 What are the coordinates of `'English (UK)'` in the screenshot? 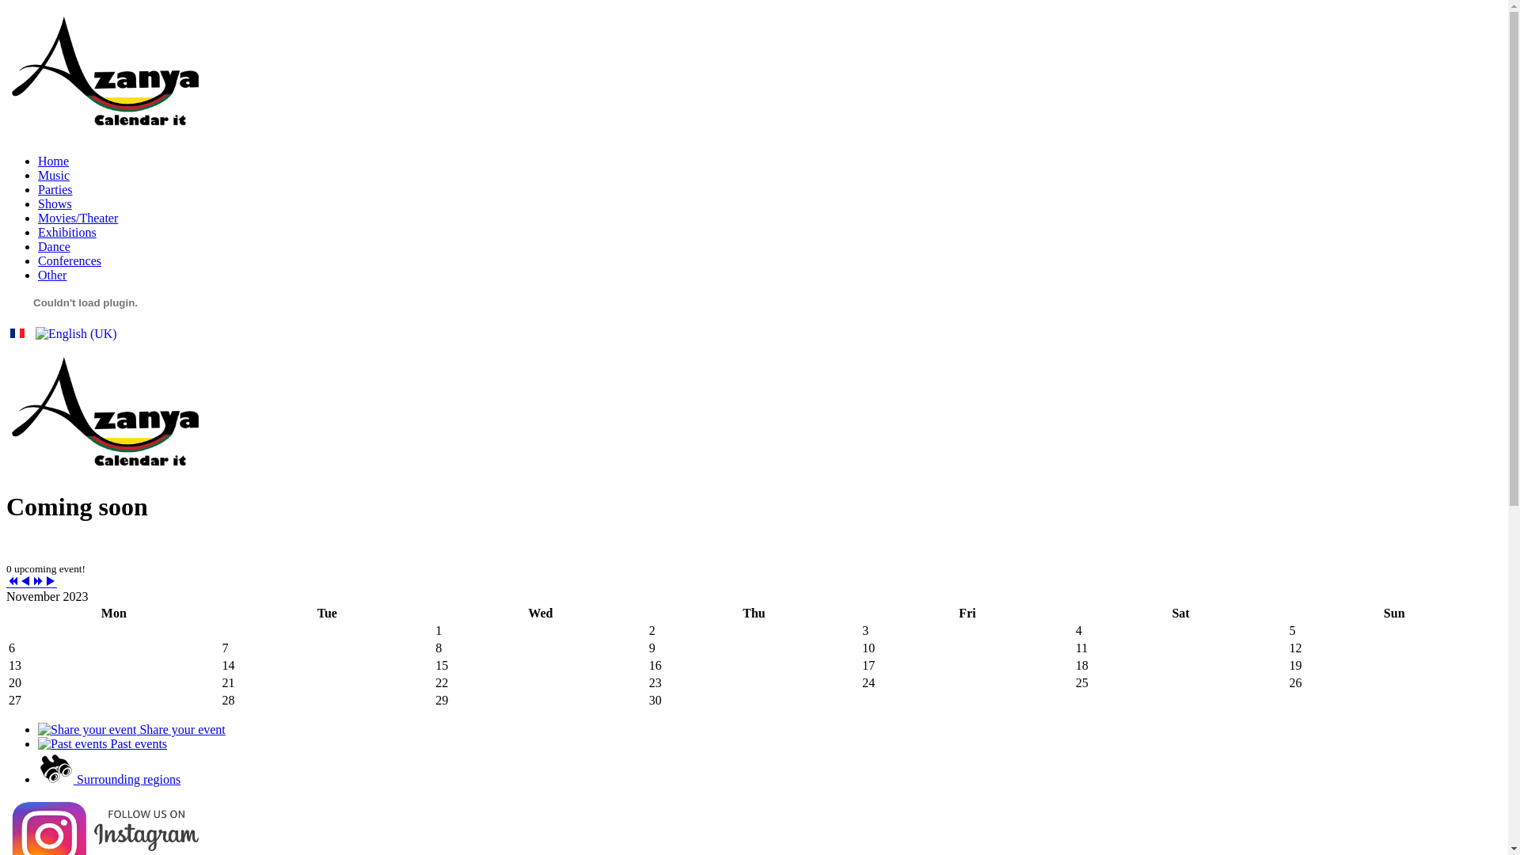 It's located at (75, 332).